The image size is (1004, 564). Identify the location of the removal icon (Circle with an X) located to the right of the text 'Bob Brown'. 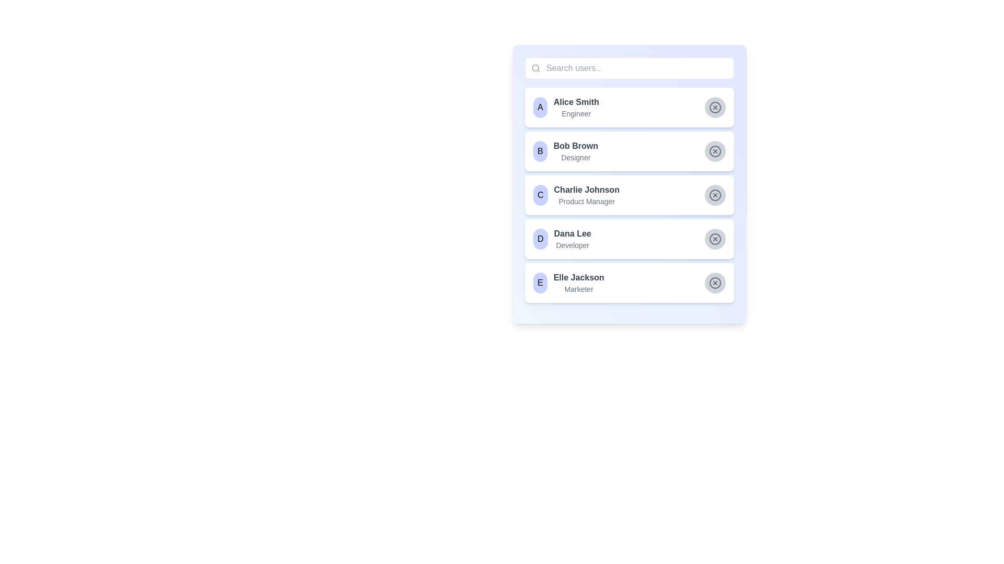
(715, 151).